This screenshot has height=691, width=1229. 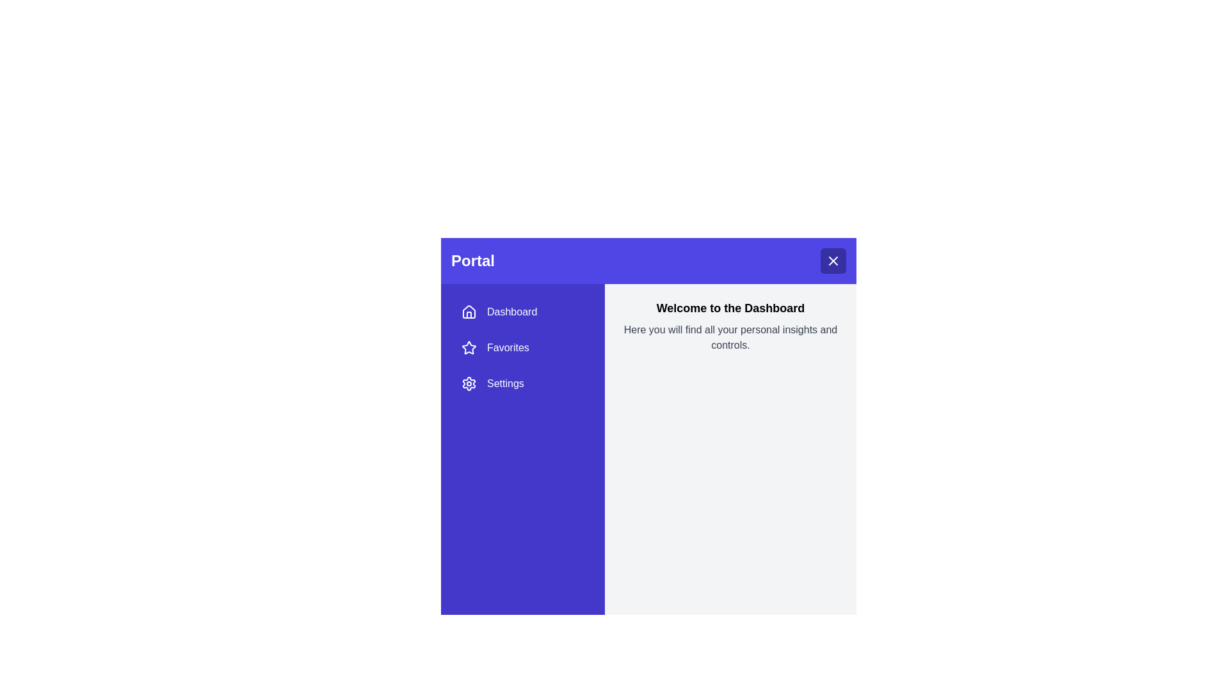 I want to click on the close button located in the top-right corner of the purple header bar, adjacent to the 'Portal' text, so click(x=833, y=260).